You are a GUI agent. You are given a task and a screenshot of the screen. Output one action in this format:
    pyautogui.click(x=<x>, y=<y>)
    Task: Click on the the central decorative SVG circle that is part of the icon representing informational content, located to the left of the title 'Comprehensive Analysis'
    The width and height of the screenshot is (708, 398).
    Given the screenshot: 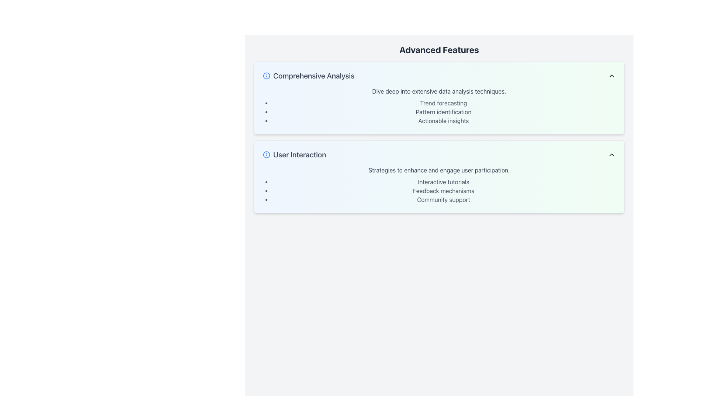 What is the action you would take?
    pyautogui.click(x=266, y=76)
    